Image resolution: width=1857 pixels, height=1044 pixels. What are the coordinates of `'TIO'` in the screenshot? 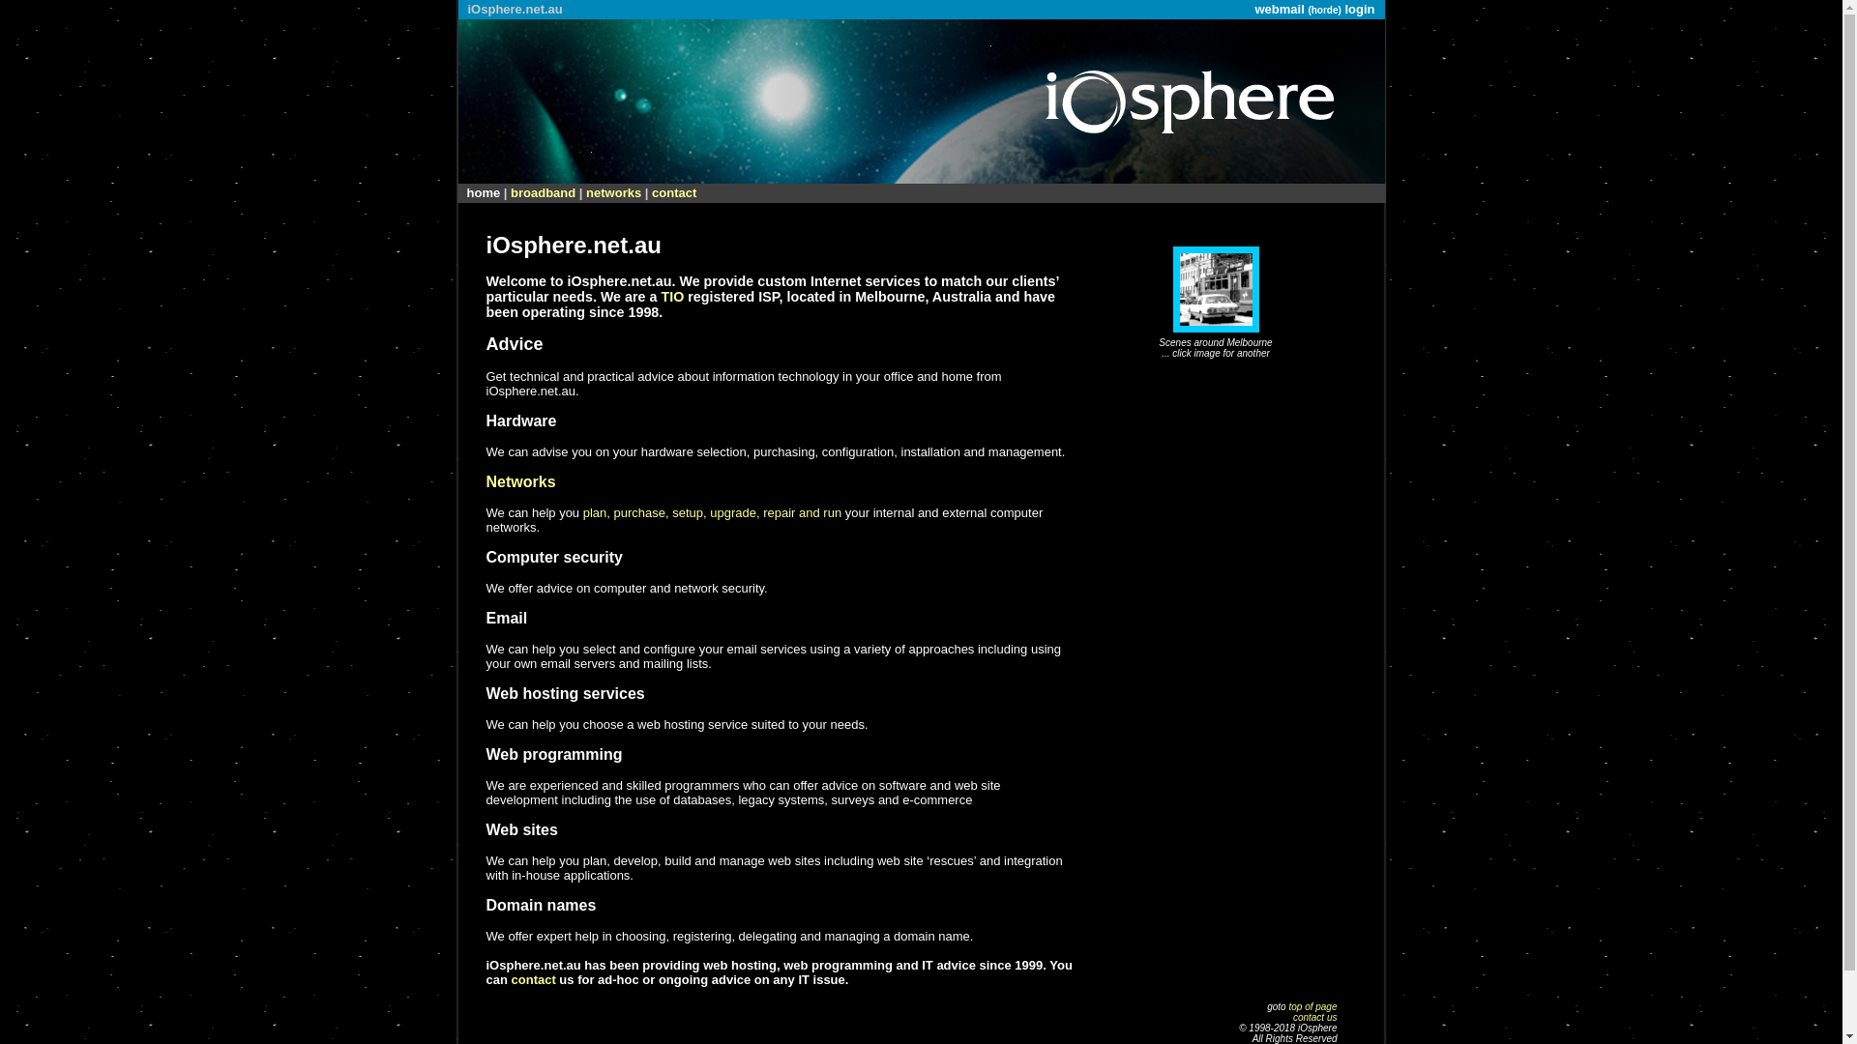 It's located at (672, 297).